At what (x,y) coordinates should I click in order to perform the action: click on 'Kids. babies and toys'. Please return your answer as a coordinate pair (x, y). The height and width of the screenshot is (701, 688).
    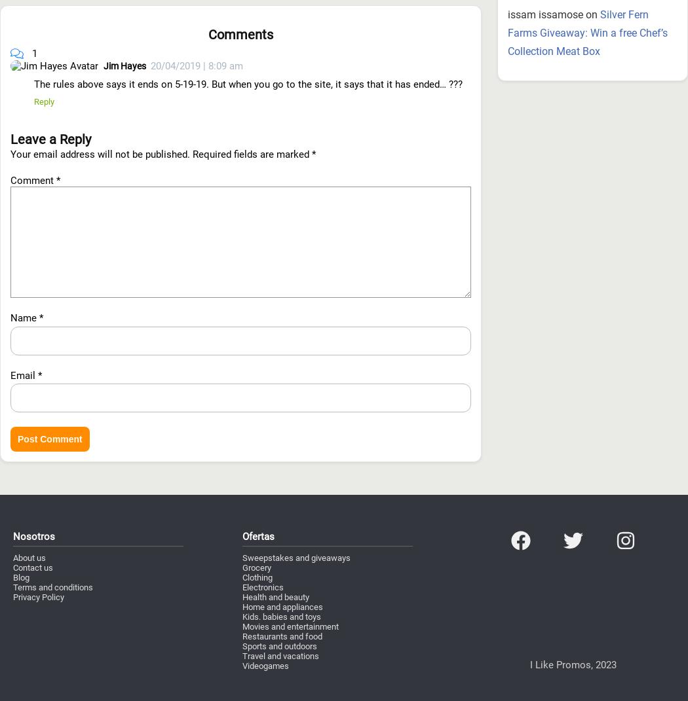
    Looking at the image, I should click on (280, 545).